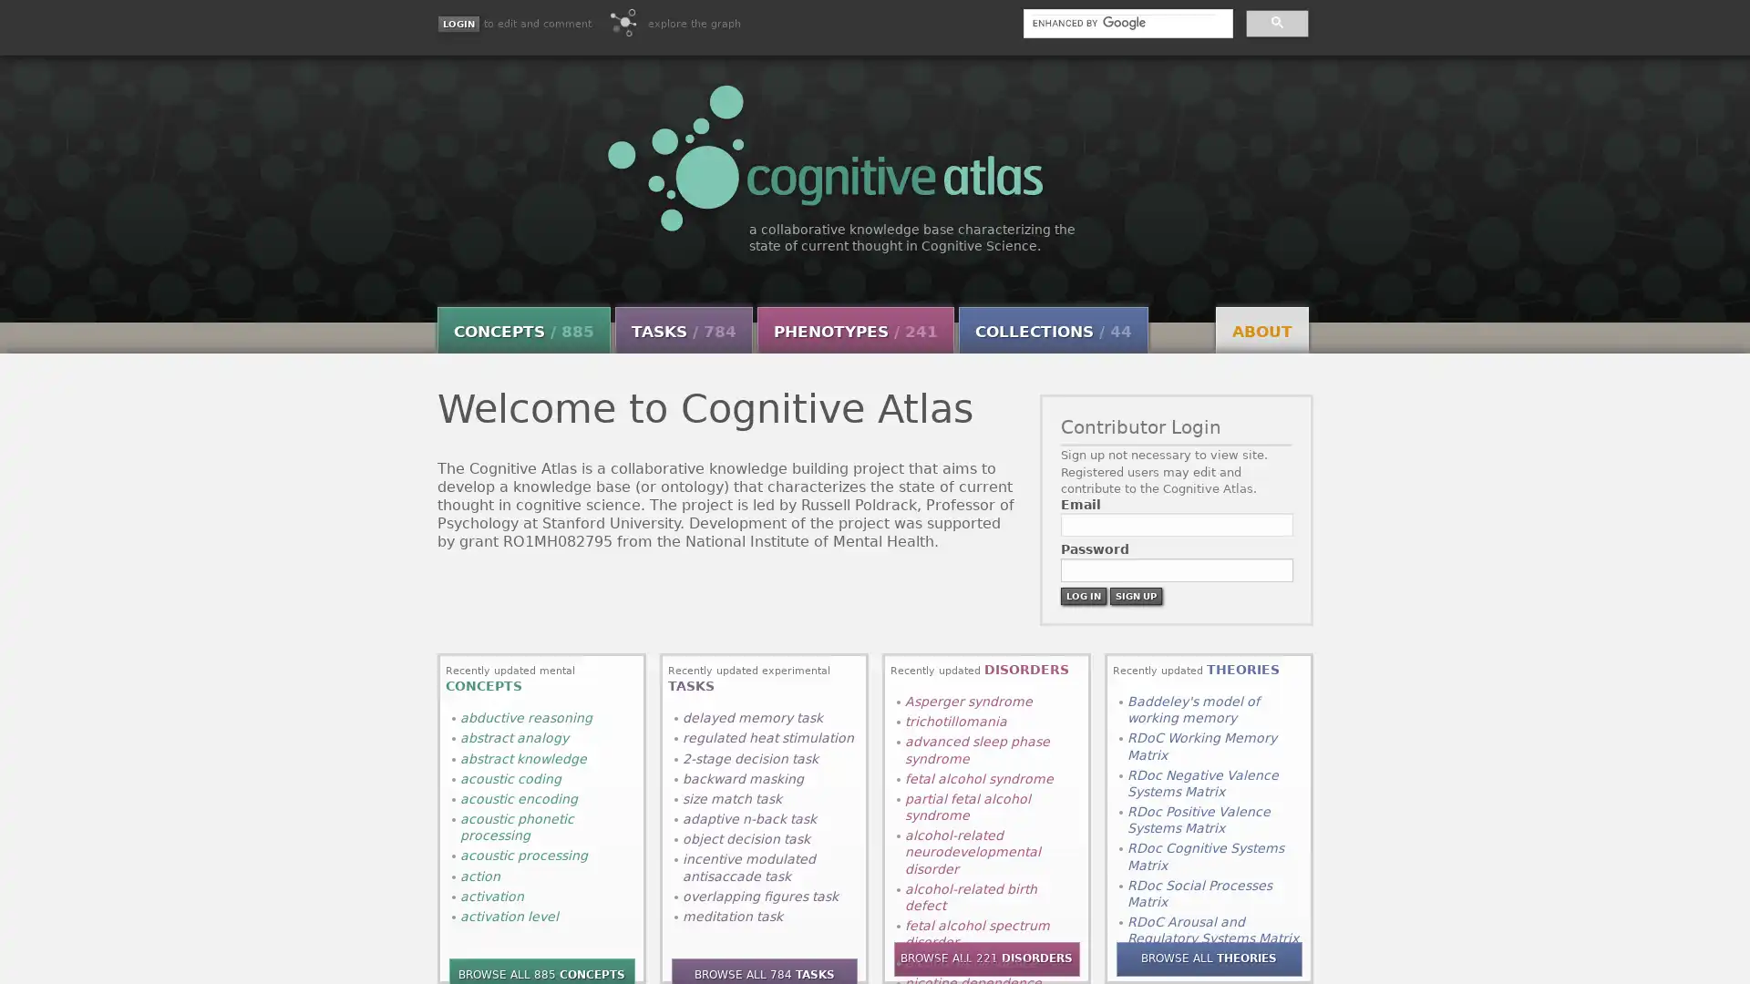  I want to click on search, so click(1275, 22).